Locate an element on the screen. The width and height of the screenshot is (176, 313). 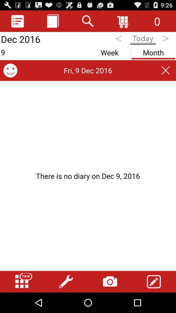
take photo button is located at coordinates (110, 281).